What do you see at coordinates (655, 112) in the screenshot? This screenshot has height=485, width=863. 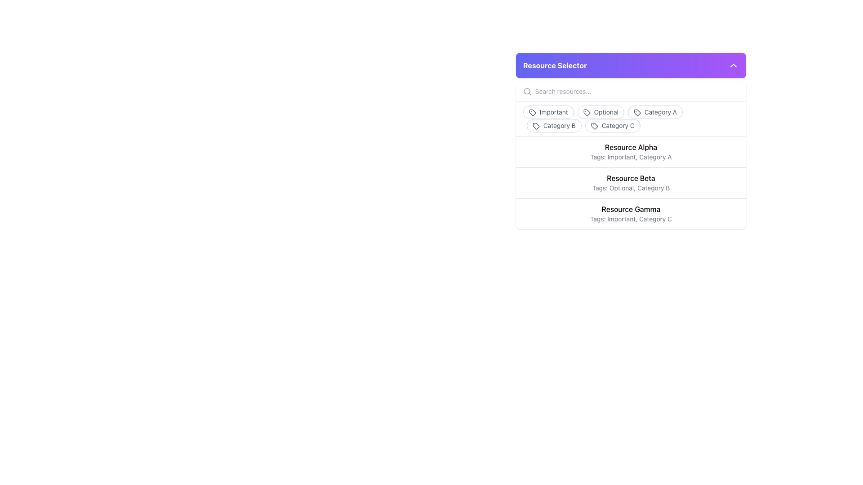 I see `the interactive button for selecting 'Category A' located in the 'Resource Selector' section` at bounding box center [655, 112].